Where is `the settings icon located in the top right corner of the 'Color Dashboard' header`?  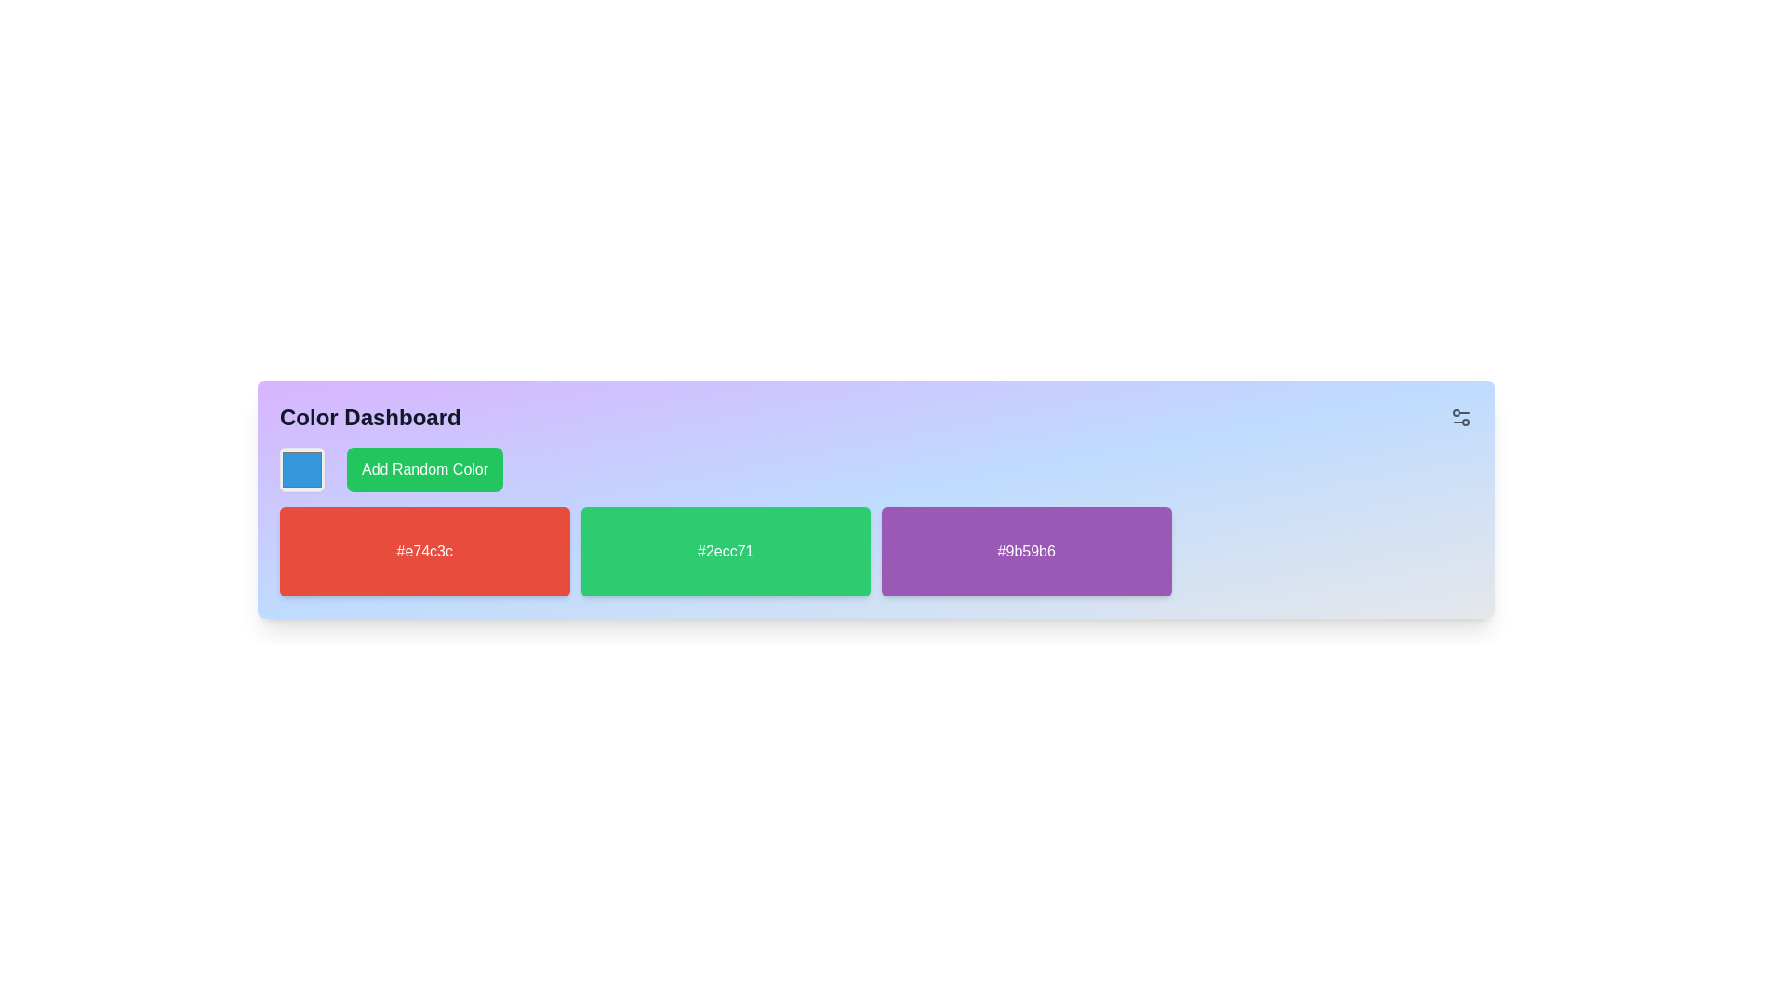 the settings icon located in the top right corner of the 'Color Dashboard' header is located at coordinates (1459, 416).